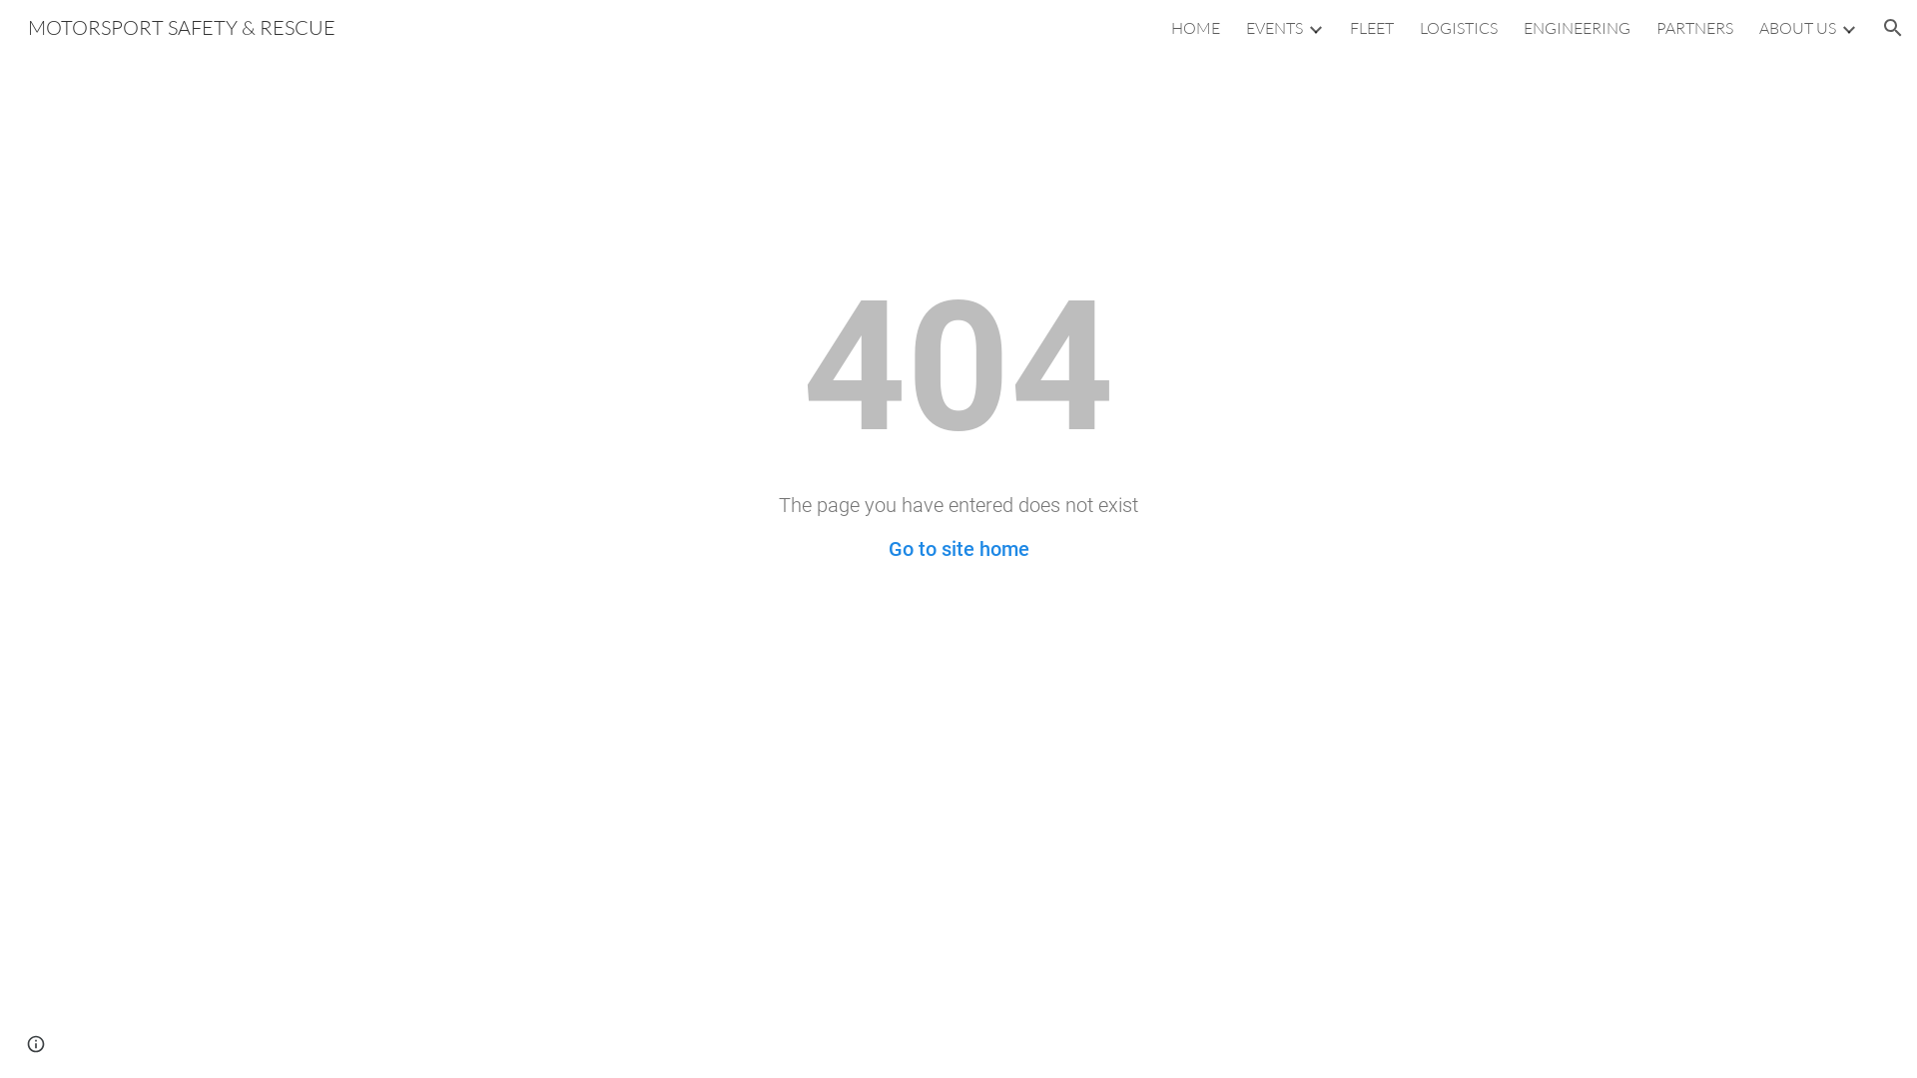 Image resolution: width=1917 pixels, height=1078 pixels. Describe the element at coordinates (1314, 27) in the screenshot. I see `'Expand/Collapse'` at that location.